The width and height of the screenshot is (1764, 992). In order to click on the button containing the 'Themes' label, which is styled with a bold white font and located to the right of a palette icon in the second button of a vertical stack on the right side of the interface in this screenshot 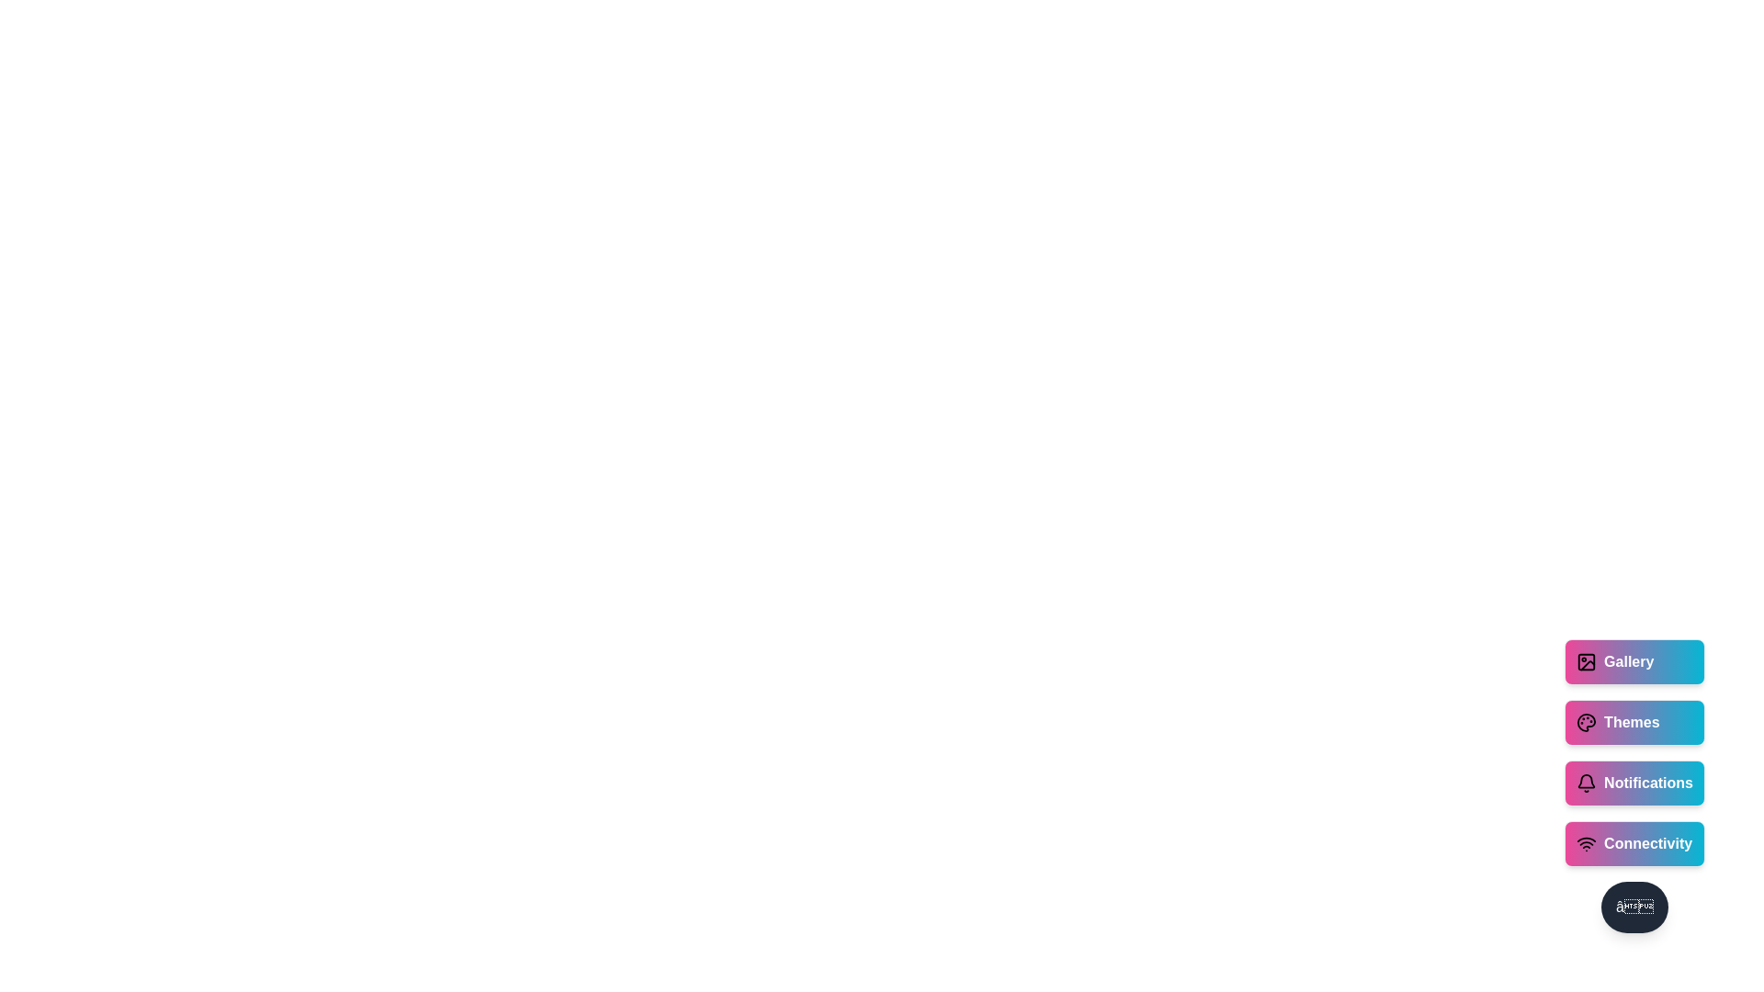, I will do `click(1632, 721)`.